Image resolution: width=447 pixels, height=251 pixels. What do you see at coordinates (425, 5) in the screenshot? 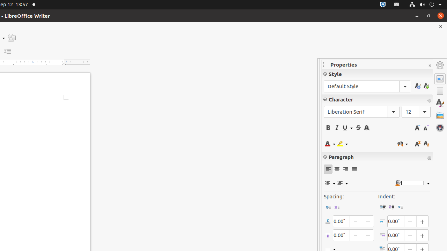
I see `'System'` at bounding box center [425, 5].